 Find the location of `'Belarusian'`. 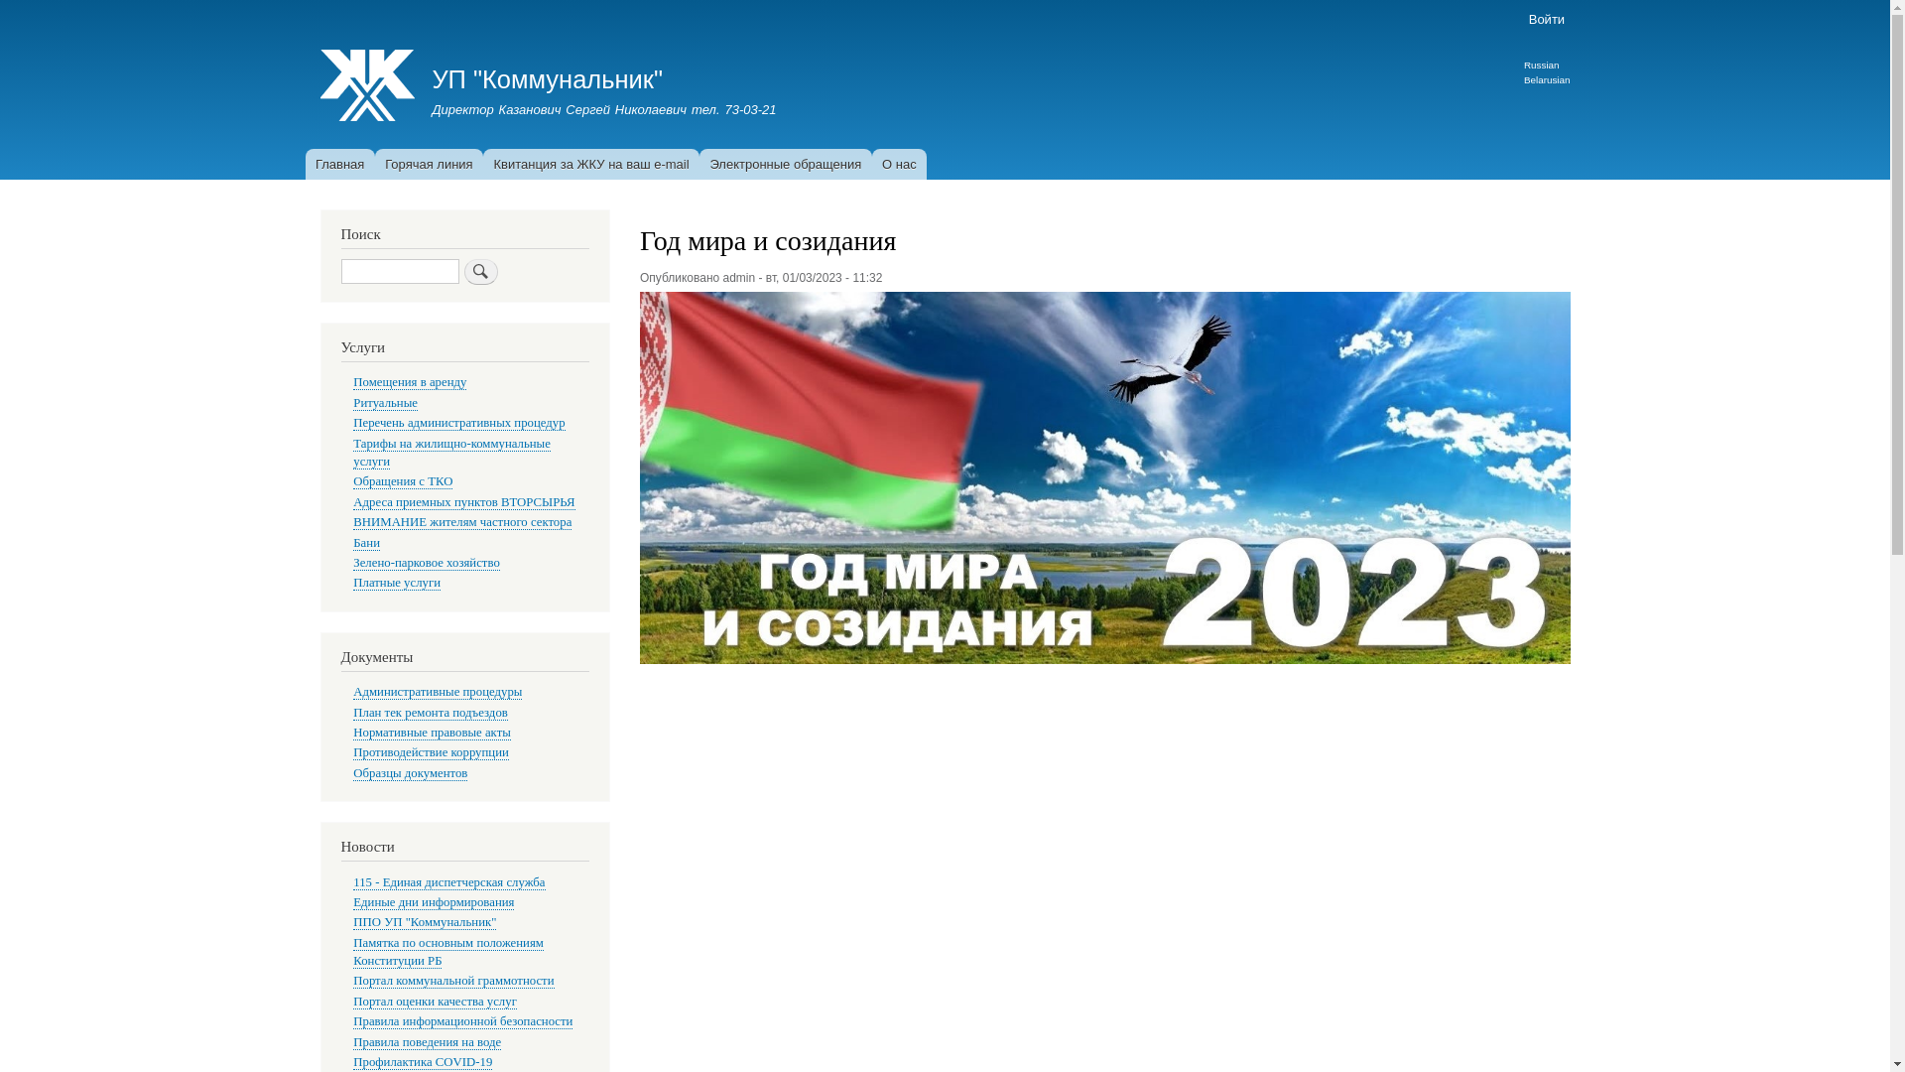

'Belarusian' is located at coordinates (1546, 78).